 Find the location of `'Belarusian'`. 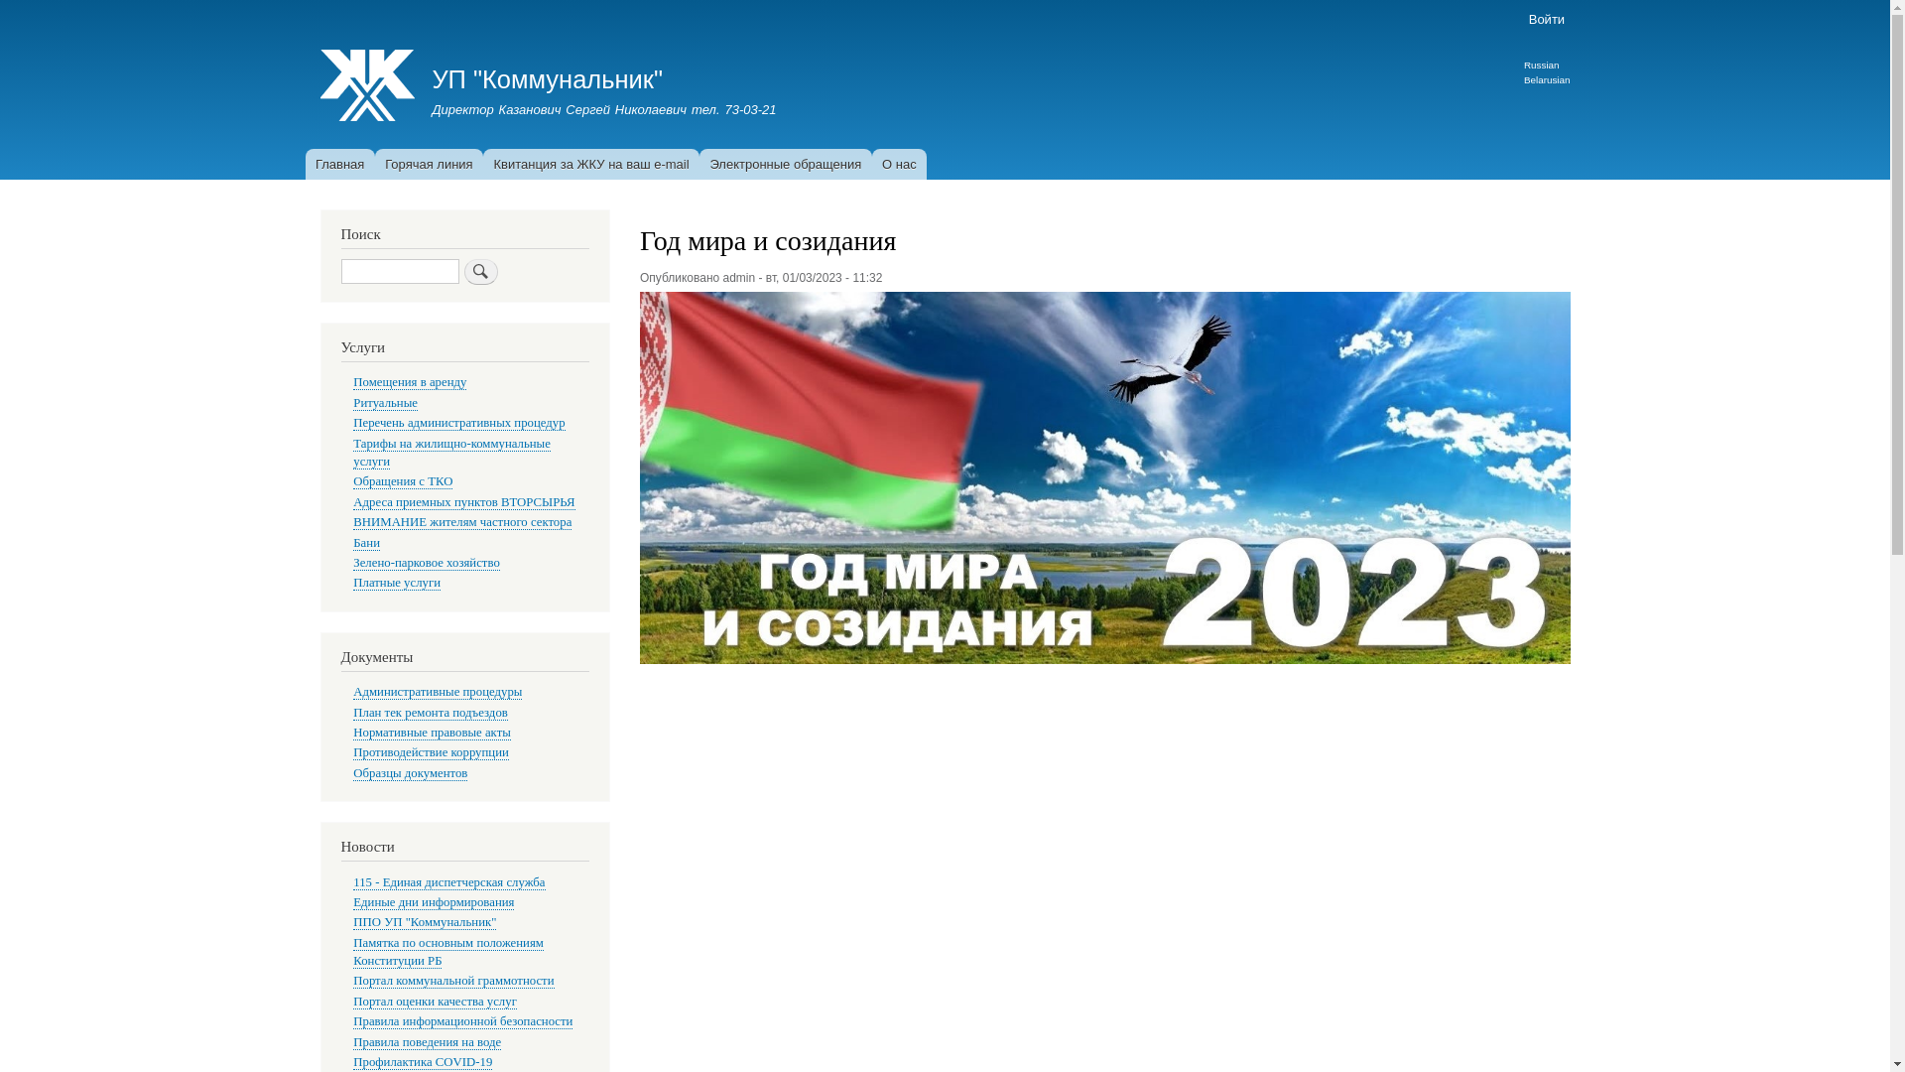

'Belarusian' is located at coordinates (1546, 78).